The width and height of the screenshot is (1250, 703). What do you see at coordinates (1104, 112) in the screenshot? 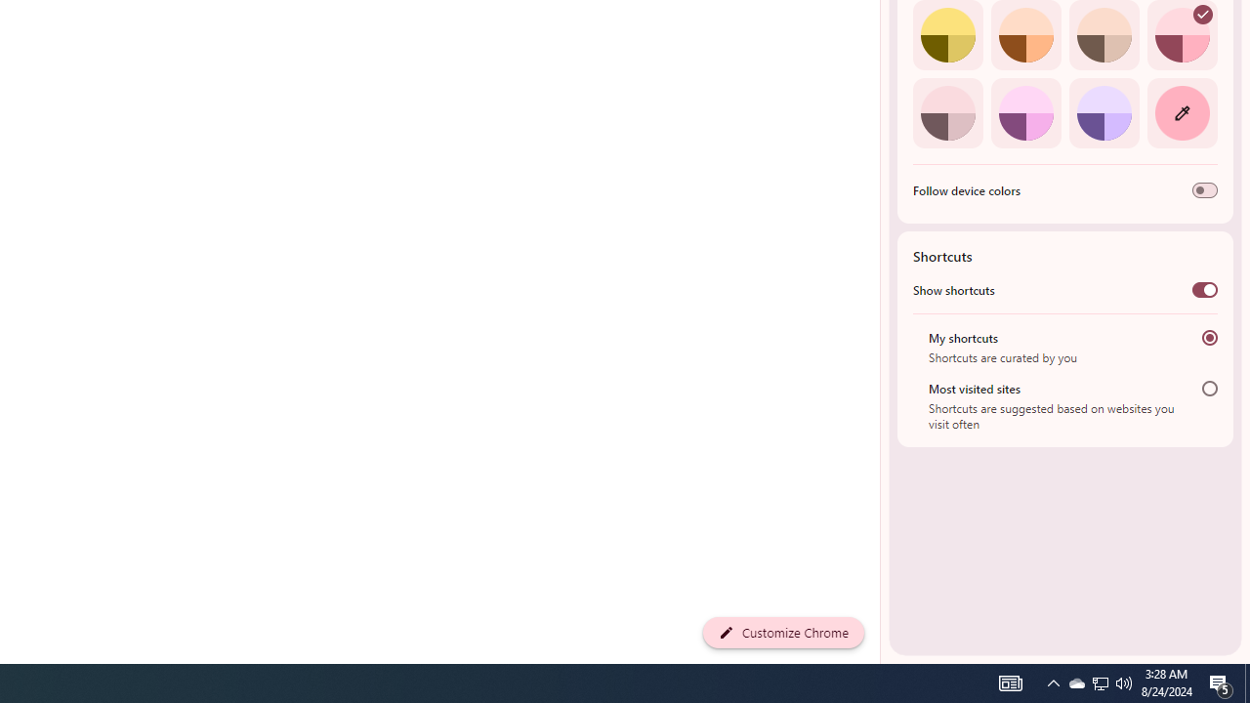
I see `'Violet'` at bounding box center [1104, 112].